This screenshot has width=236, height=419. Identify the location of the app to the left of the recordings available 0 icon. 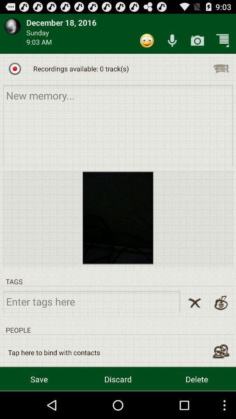
(14, 68).